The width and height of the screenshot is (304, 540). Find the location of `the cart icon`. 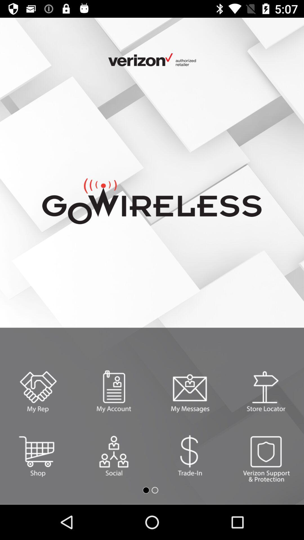

the cart icon is located at coordinates (38, 456).